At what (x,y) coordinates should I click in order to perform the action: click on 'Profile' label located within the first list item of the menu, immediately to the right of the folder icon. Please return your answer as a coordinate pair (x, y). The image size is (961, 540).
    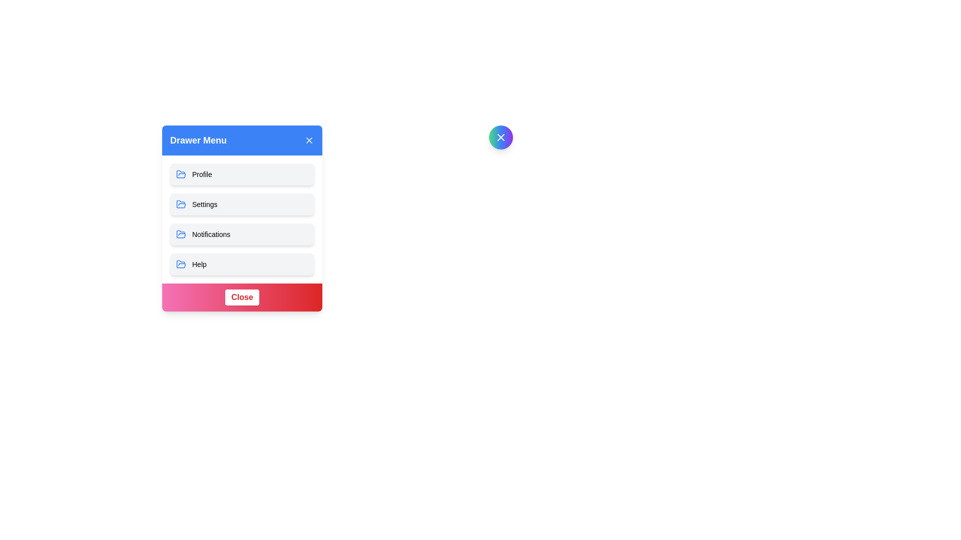
    Looking at the image, I should click on (201, 173).